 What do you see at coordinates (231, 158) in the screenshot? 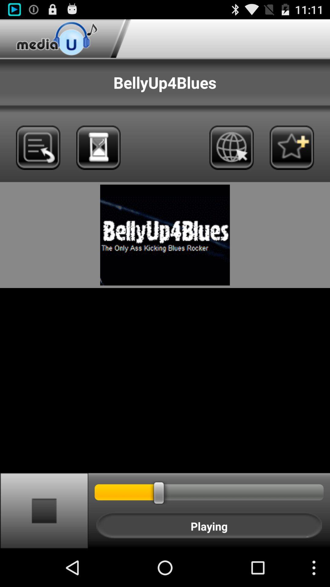
I see `the globe icon` at bounding box center [231, 158].